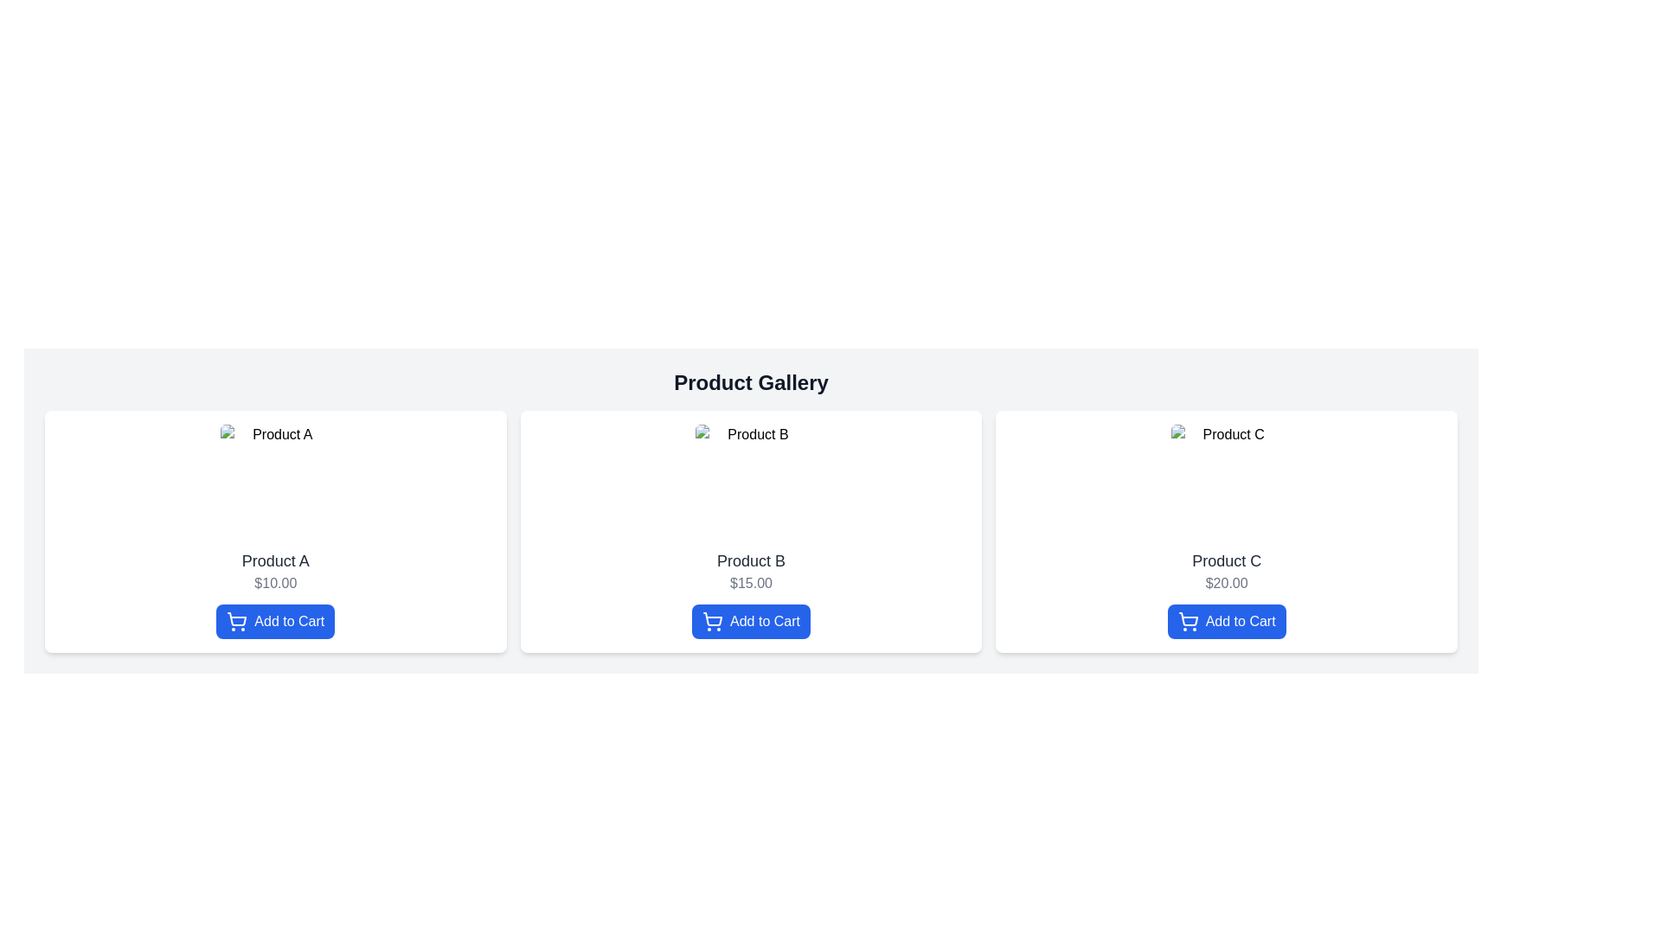  Describe the element at coordinates (274, 530) in the screenshot. I see `image placeholder within the Product card labeled 'Product A' which is styled with a white background and contains a blue 'Add to Cart' button` at that location.